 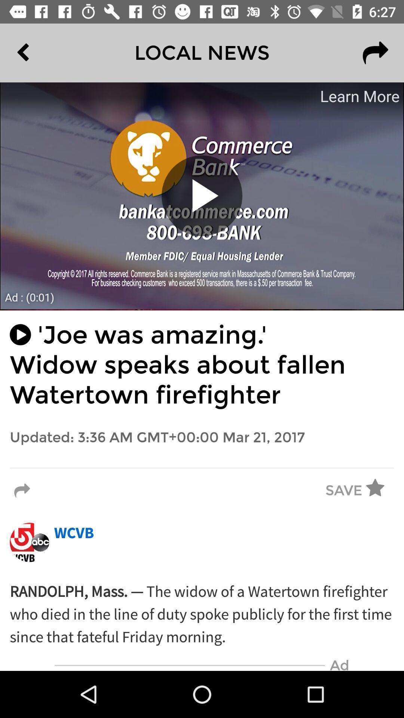 I want to click on advertising partner, so click(x=202, y=196).